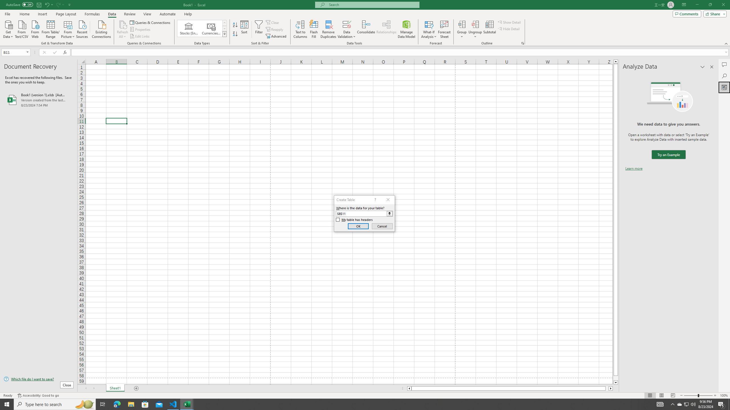 Image resolution: width=730 pixels, height=410 pixels. I want to click on 'Column right', so click(611, 388).